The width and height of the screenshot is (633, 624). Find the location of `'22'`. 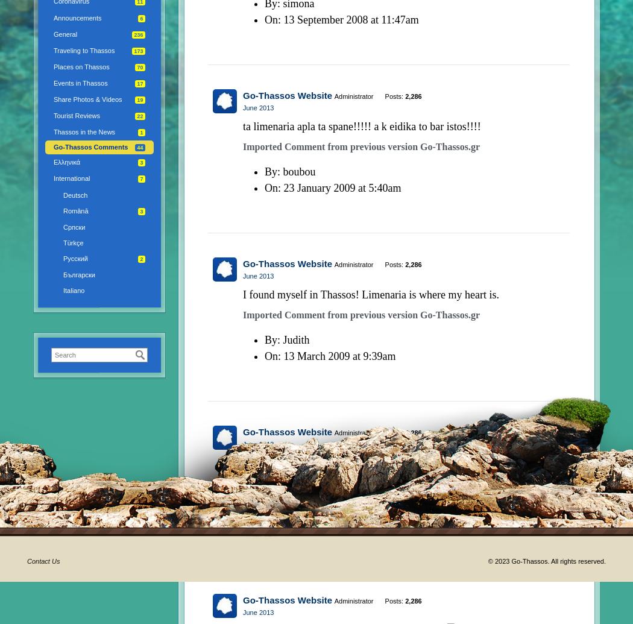

'22' is located at coordinates (140, 116).